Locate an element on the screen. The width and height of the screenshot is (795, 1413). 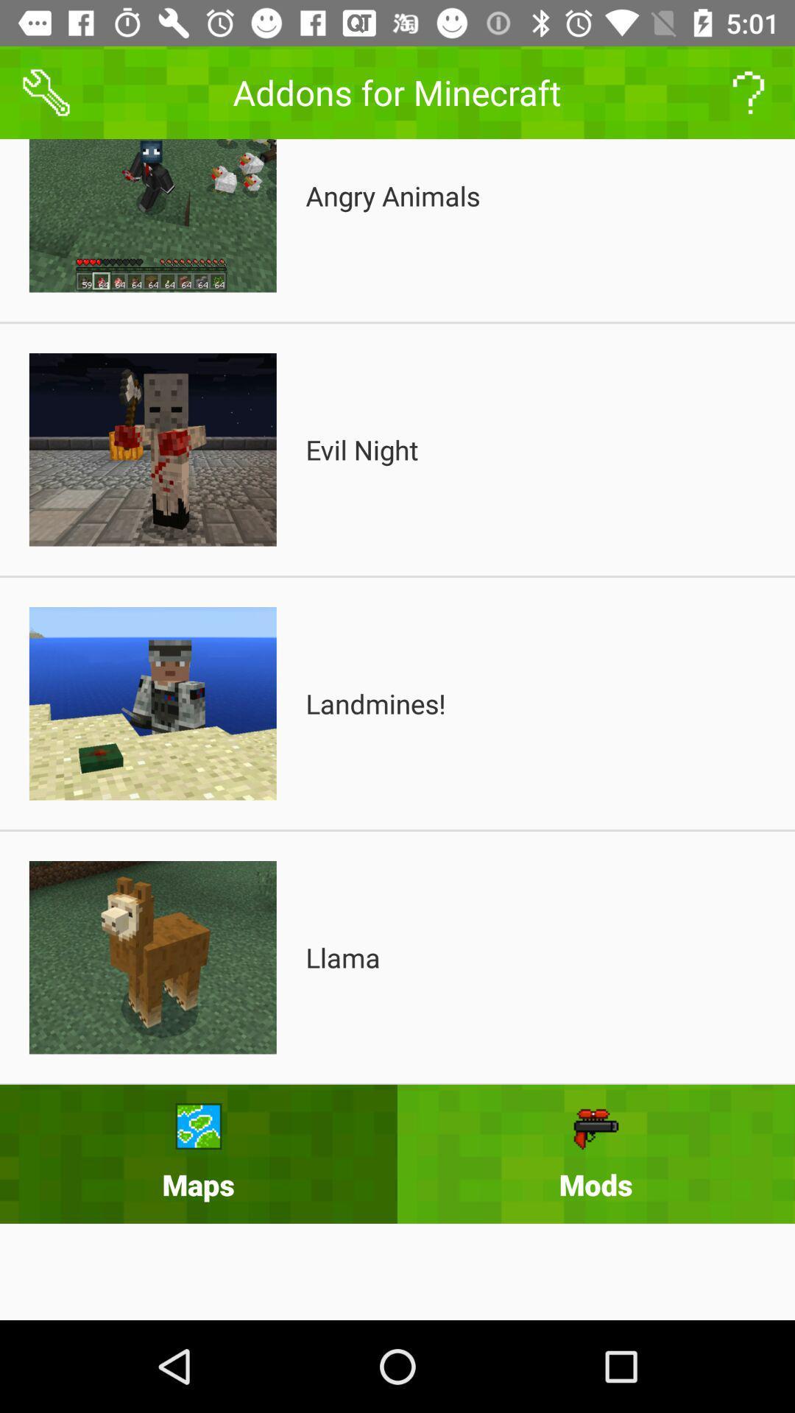
the angry animals icon is located at coordinates (392, 195).